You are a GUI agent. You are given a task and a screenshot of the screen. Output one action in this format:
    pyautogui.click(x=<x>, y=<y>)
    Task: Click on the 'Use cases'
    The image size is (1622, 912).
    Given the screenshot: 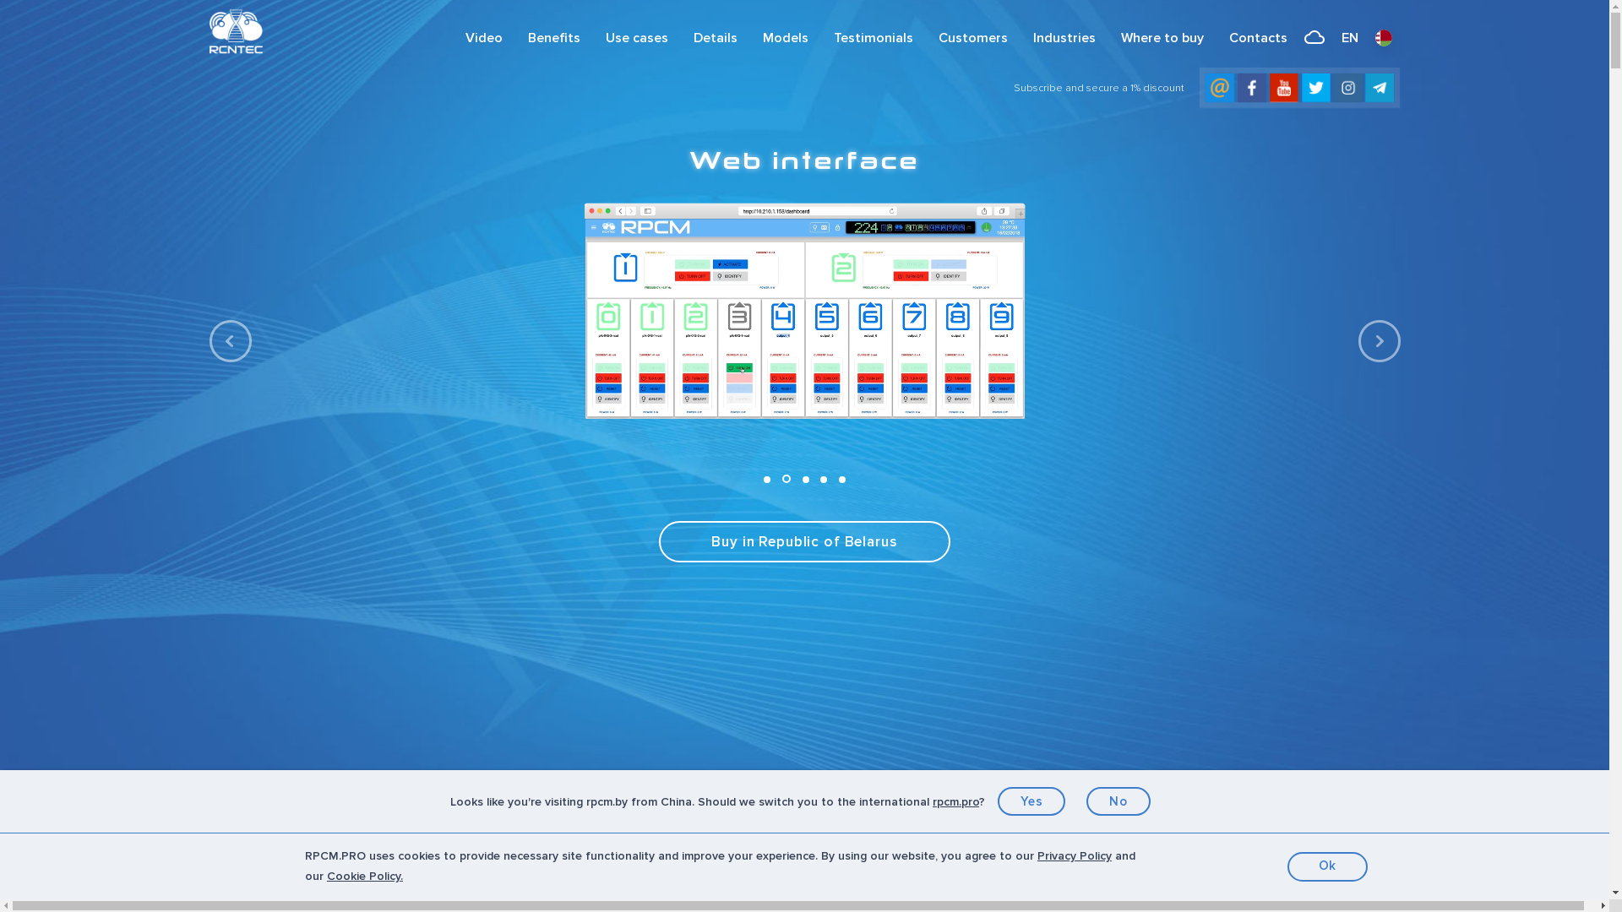 What is the action you would take?
    pyautogui.click(x=635, y=38)
    